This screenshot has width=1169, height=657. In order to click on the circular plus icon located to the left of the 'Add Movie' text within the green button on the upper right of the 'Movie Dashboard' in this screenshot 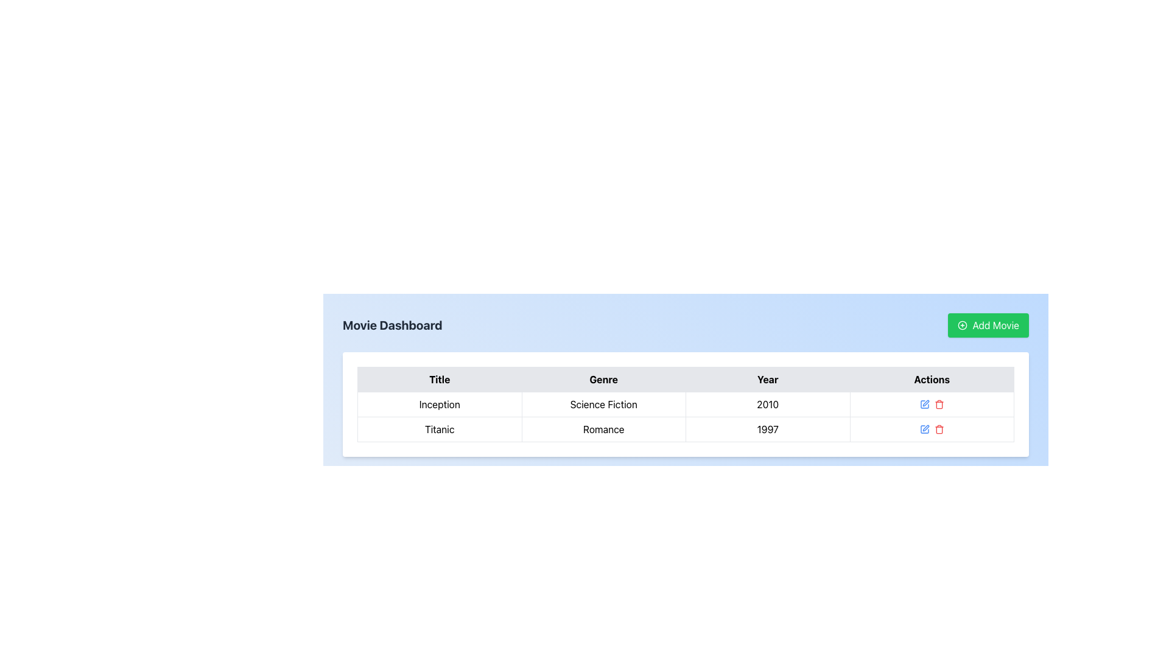, I will do `click(962, 325)`.